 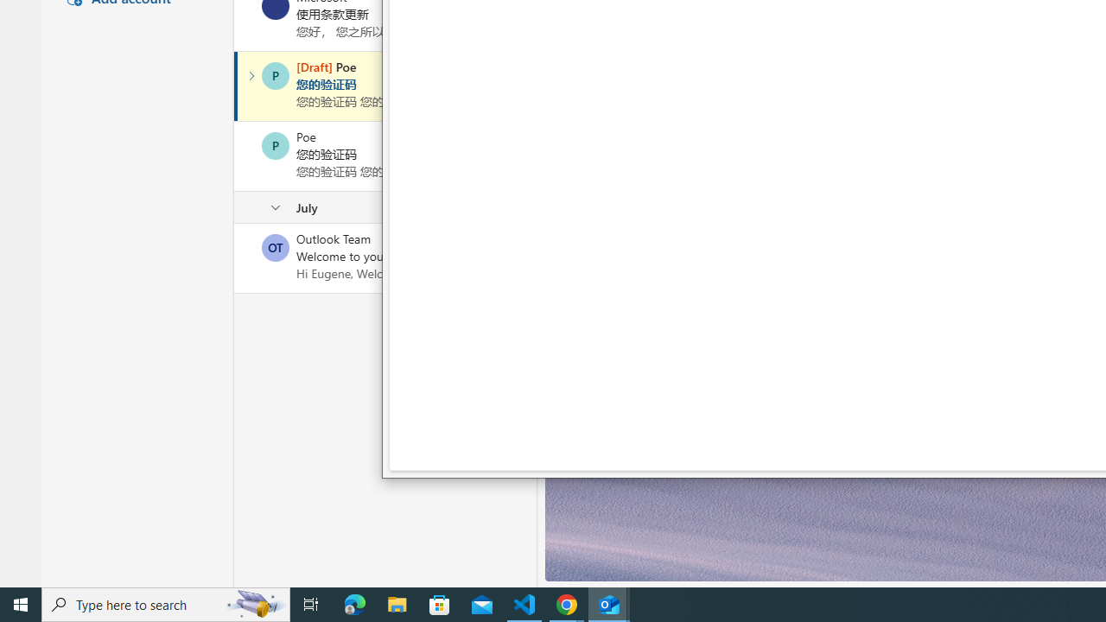 I want to click on 'Poe', so click(x=275, y=144).